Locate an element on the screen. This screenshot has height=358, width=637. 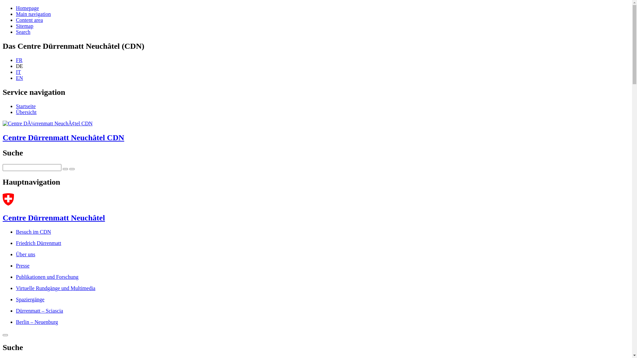
'Content area' is located at coordinates (29, 20).